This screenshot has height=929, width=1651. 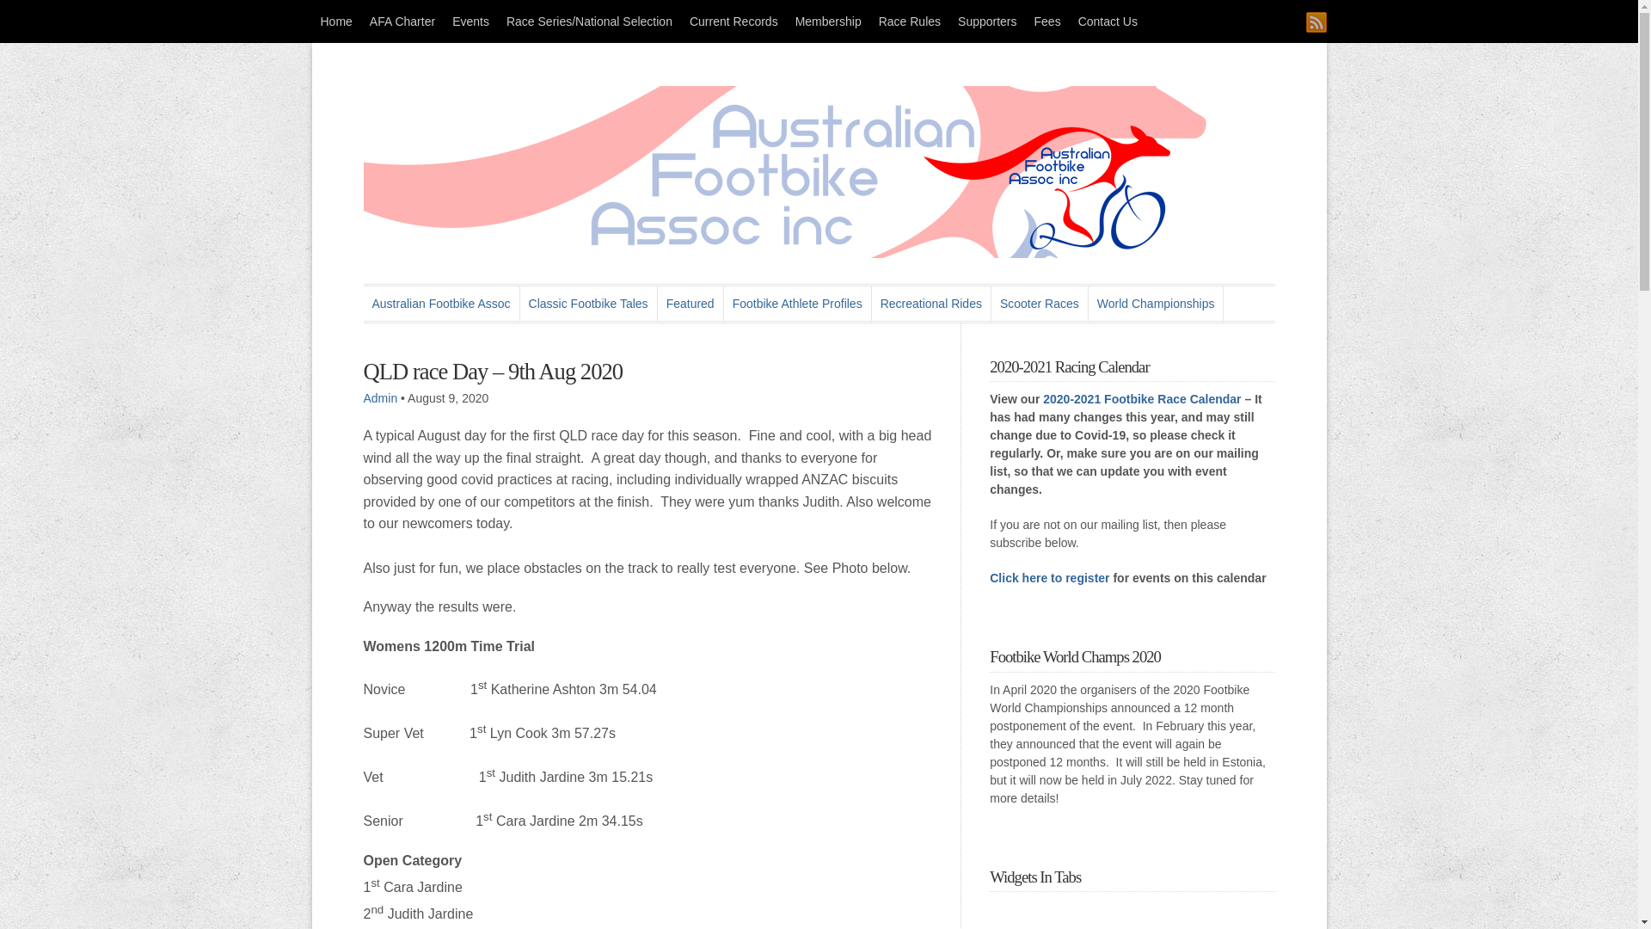 I want to click on 'Fees', so click(x=1046, y=21).